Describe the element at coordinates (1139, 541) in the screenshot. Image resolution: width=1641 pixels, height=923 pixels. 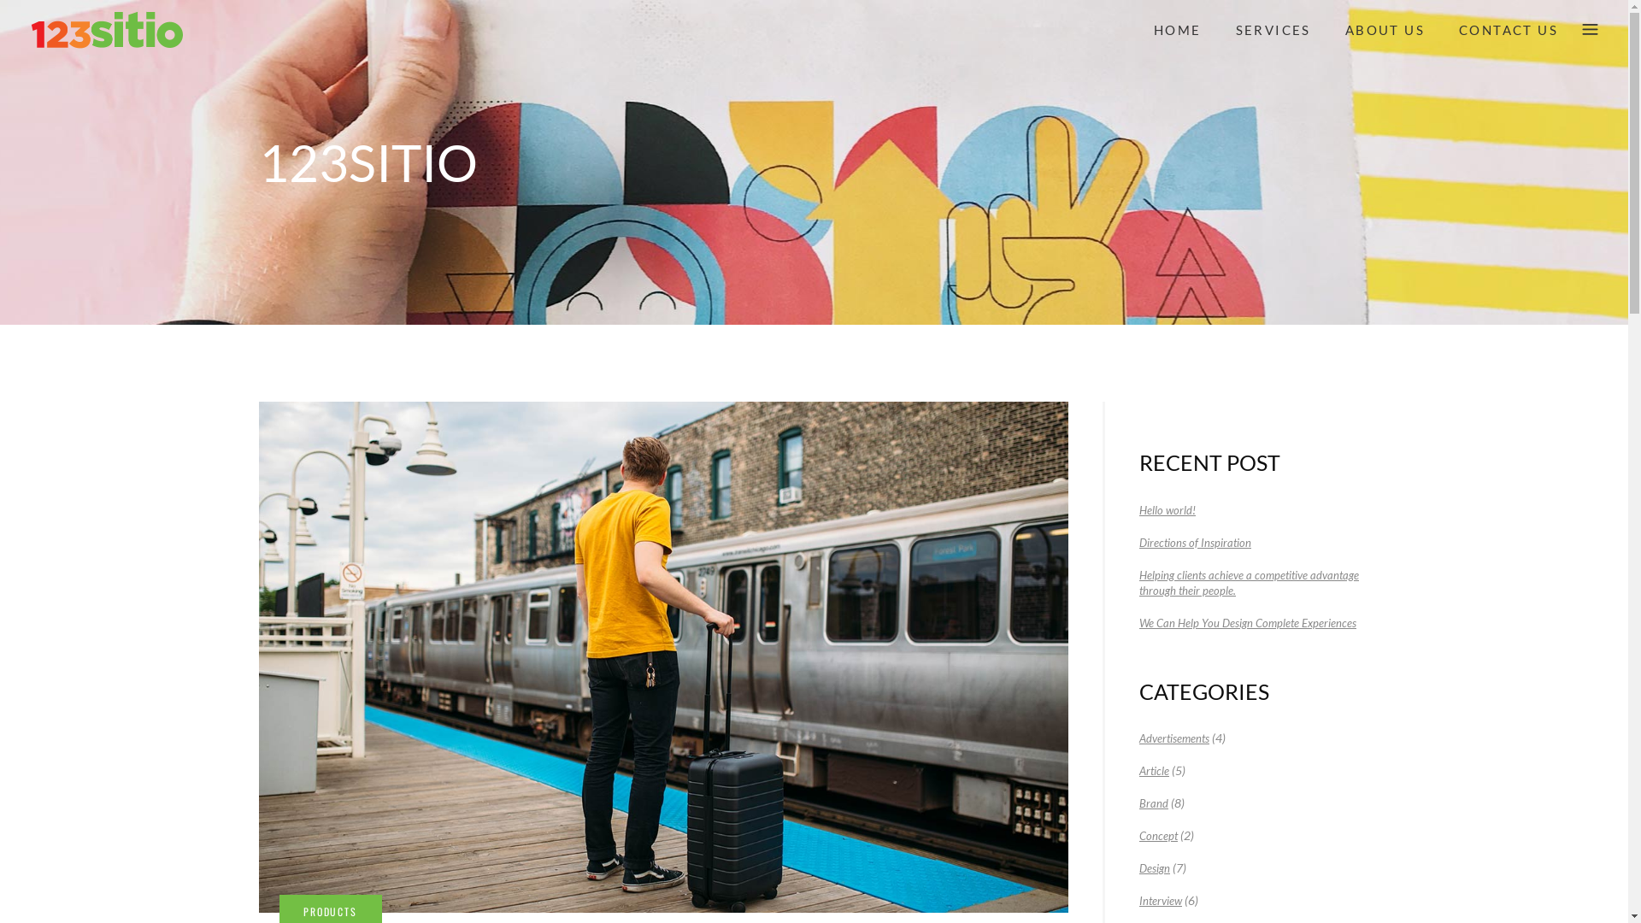
I see `'Directions of Inspiration'` at that location.